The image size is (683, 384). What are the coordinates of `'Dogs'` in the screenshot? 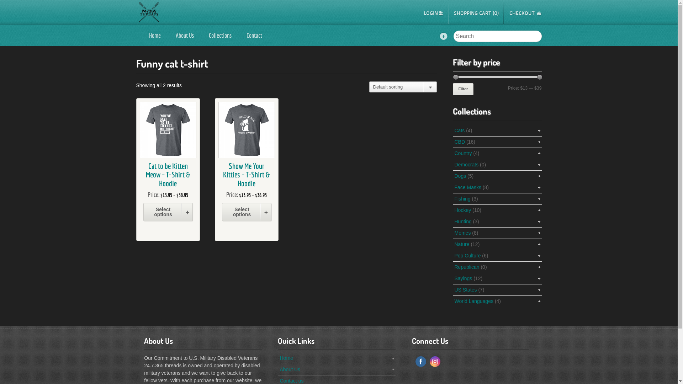 It's located at (460, 176).